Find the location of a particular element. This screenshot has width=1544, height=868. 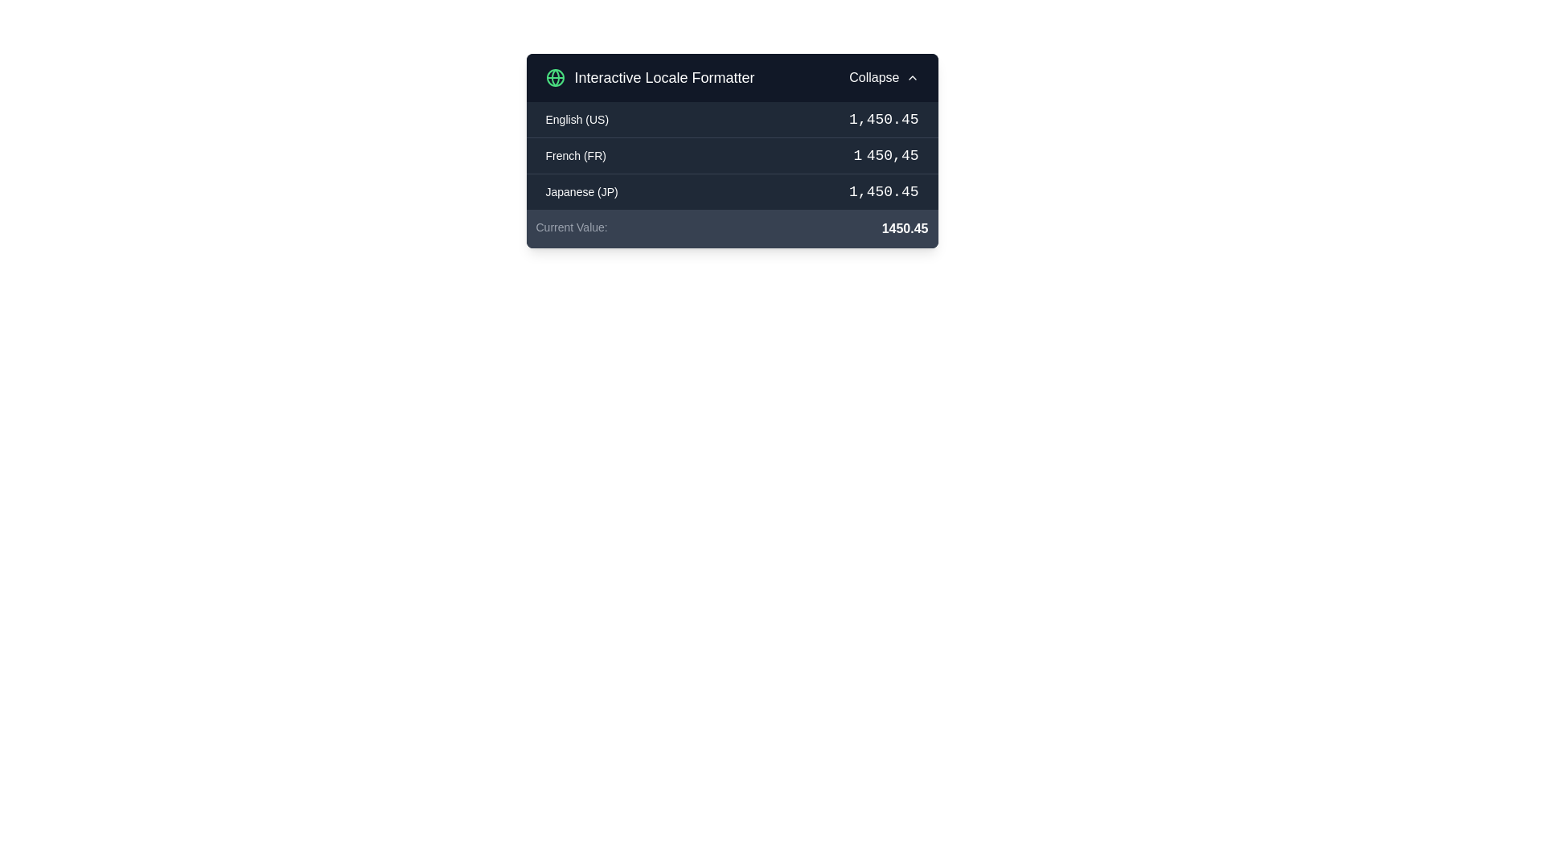

the 'Interactive Locale Formatter' Collapsible Header Section is located at coordinates (731, 77).